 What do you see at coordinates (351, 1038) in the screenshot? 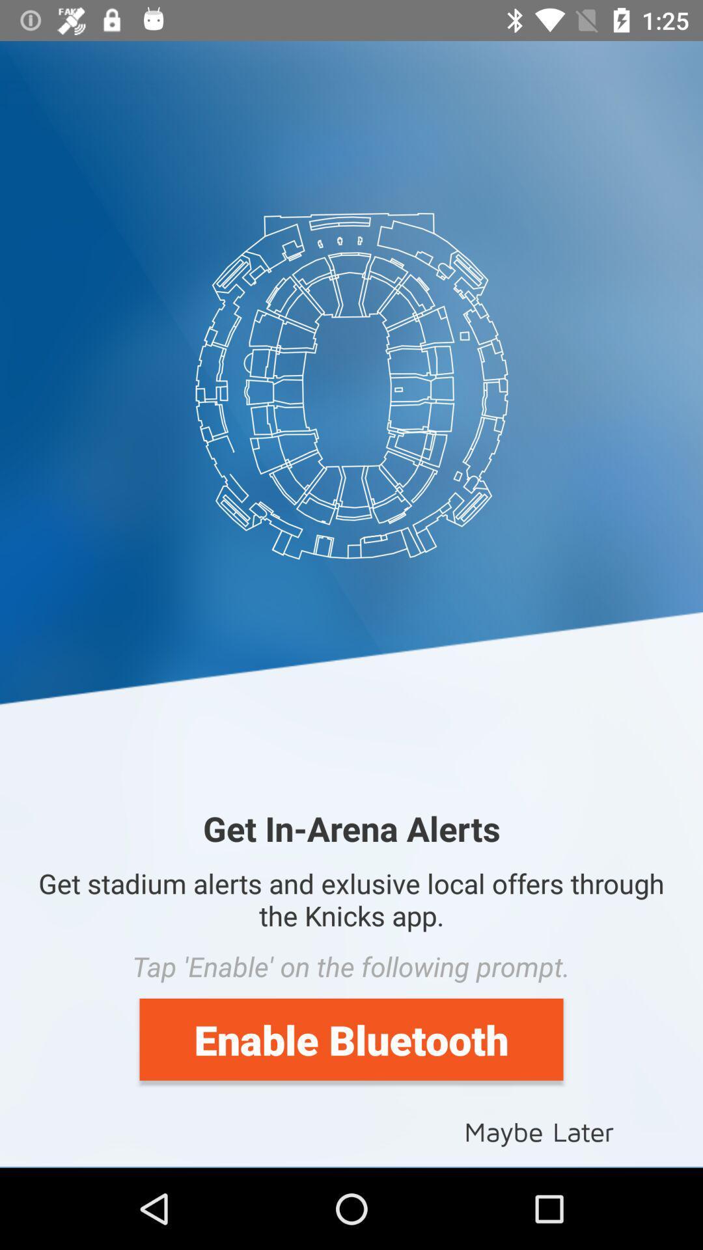
I see `icon below tap enable on` at bounding box center [351, 1038].